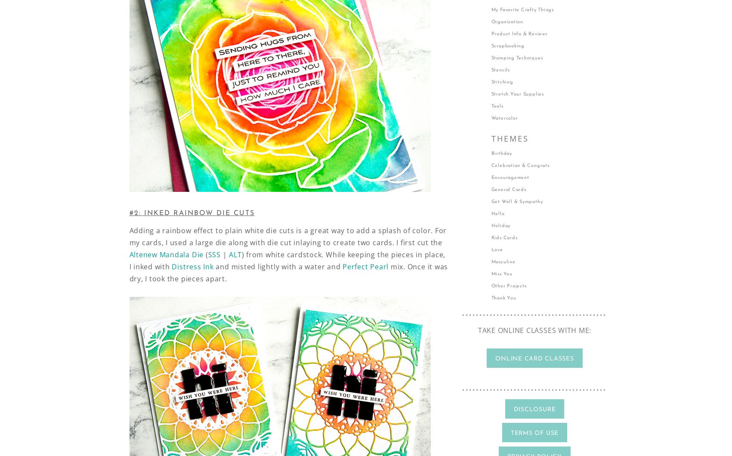 The width and height of the screenshot is (732, 456). Describe the element at coordinates (191, 213) in the screenshot. I see `'#2: Inked rainbow die cuts'` at that location.